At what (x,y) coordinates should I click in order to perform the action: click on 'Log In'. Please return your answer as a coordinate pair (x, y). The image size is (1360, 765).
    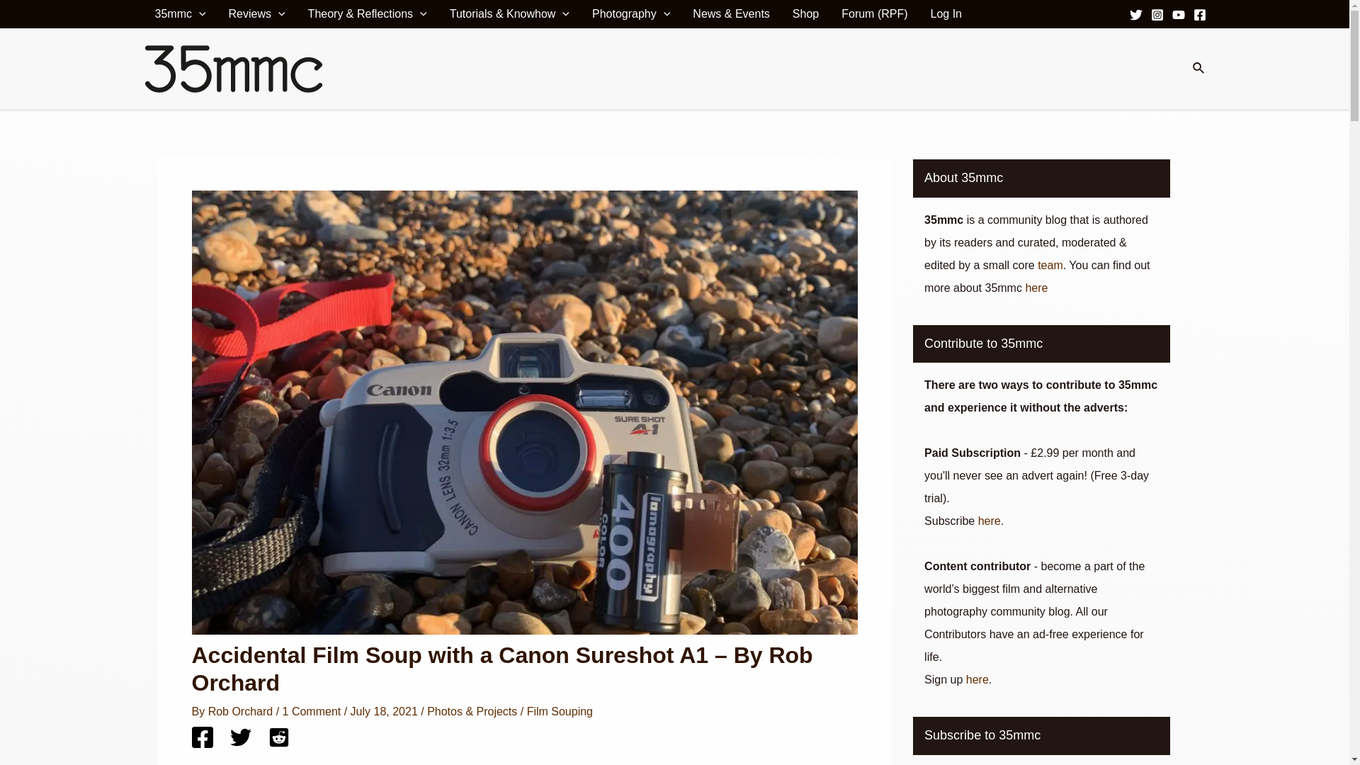
    Looking at the image, I should click on (946, 13).